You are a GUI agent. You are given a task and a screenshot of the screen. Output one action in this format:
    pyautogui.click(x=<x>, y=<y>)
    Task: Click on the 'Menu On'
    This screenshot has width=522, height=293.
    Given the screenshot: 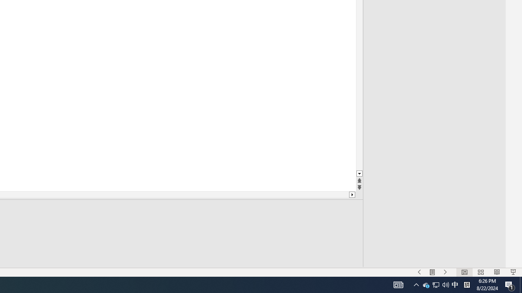 What is the action you would take?
    pyautogui.click(x=432, y=272)
    